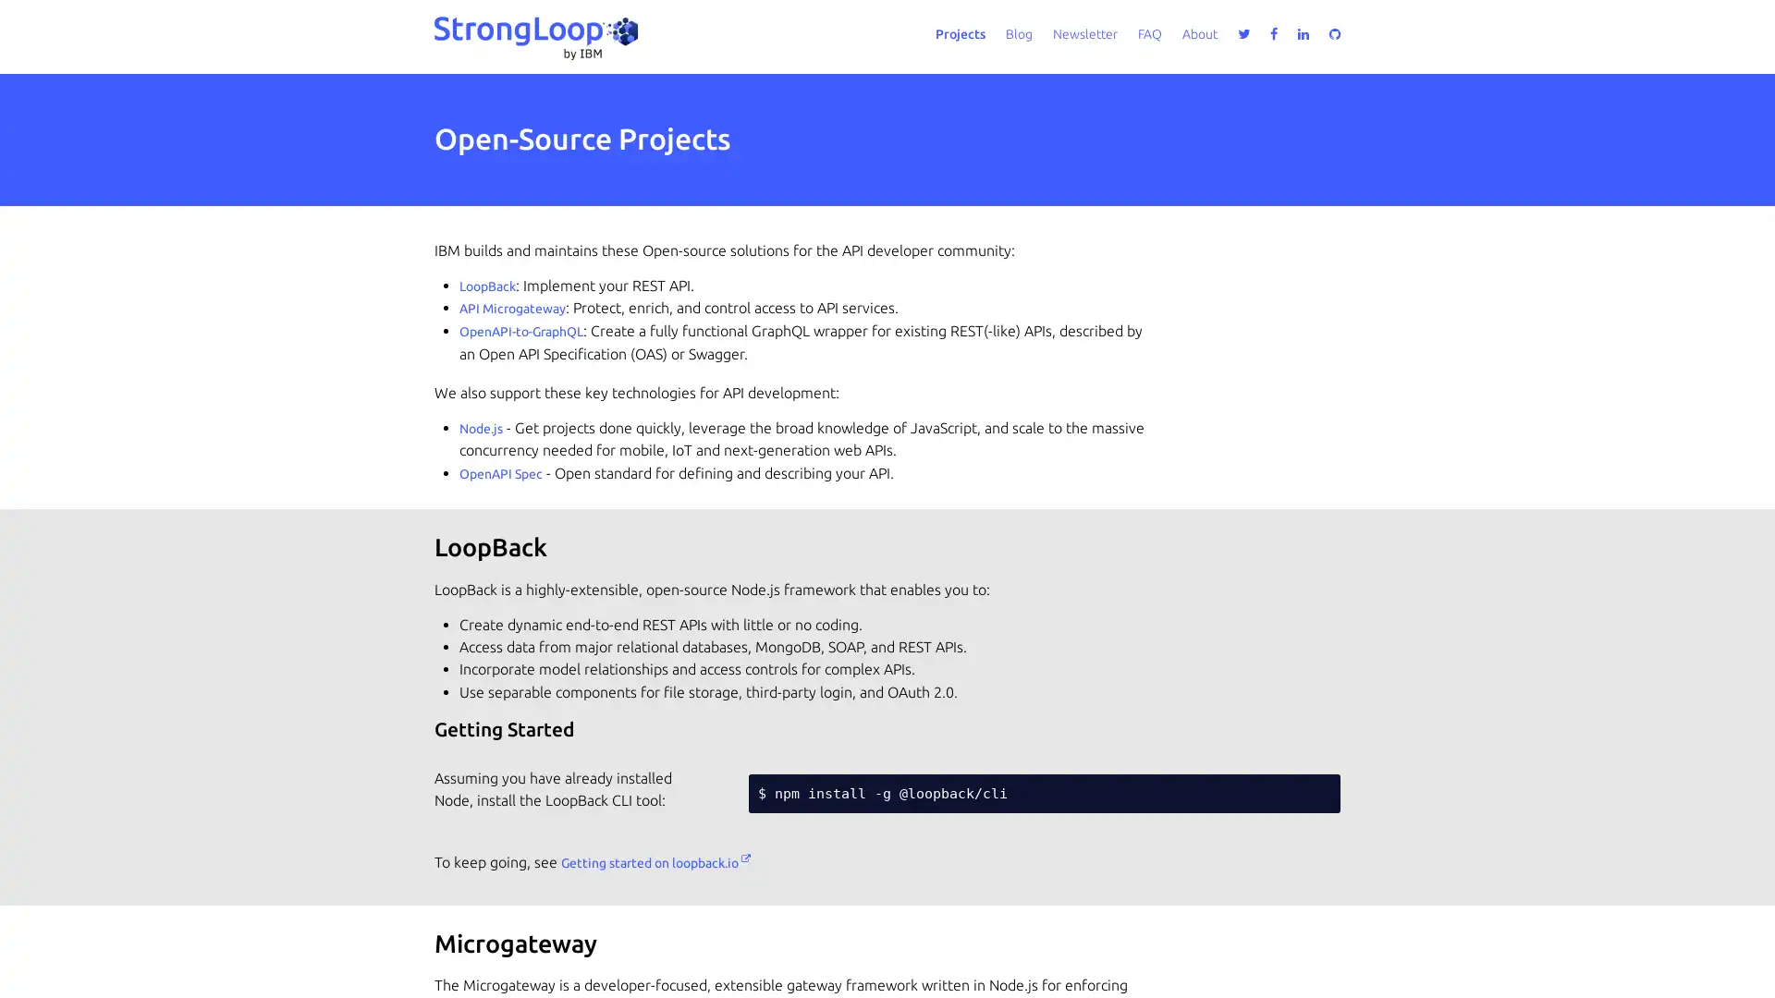 The image size is (1775, 998). What do you see at coordinates (1625, 870) in the screenshot?
I see `Accept all` at bounding box center [1625, 870].